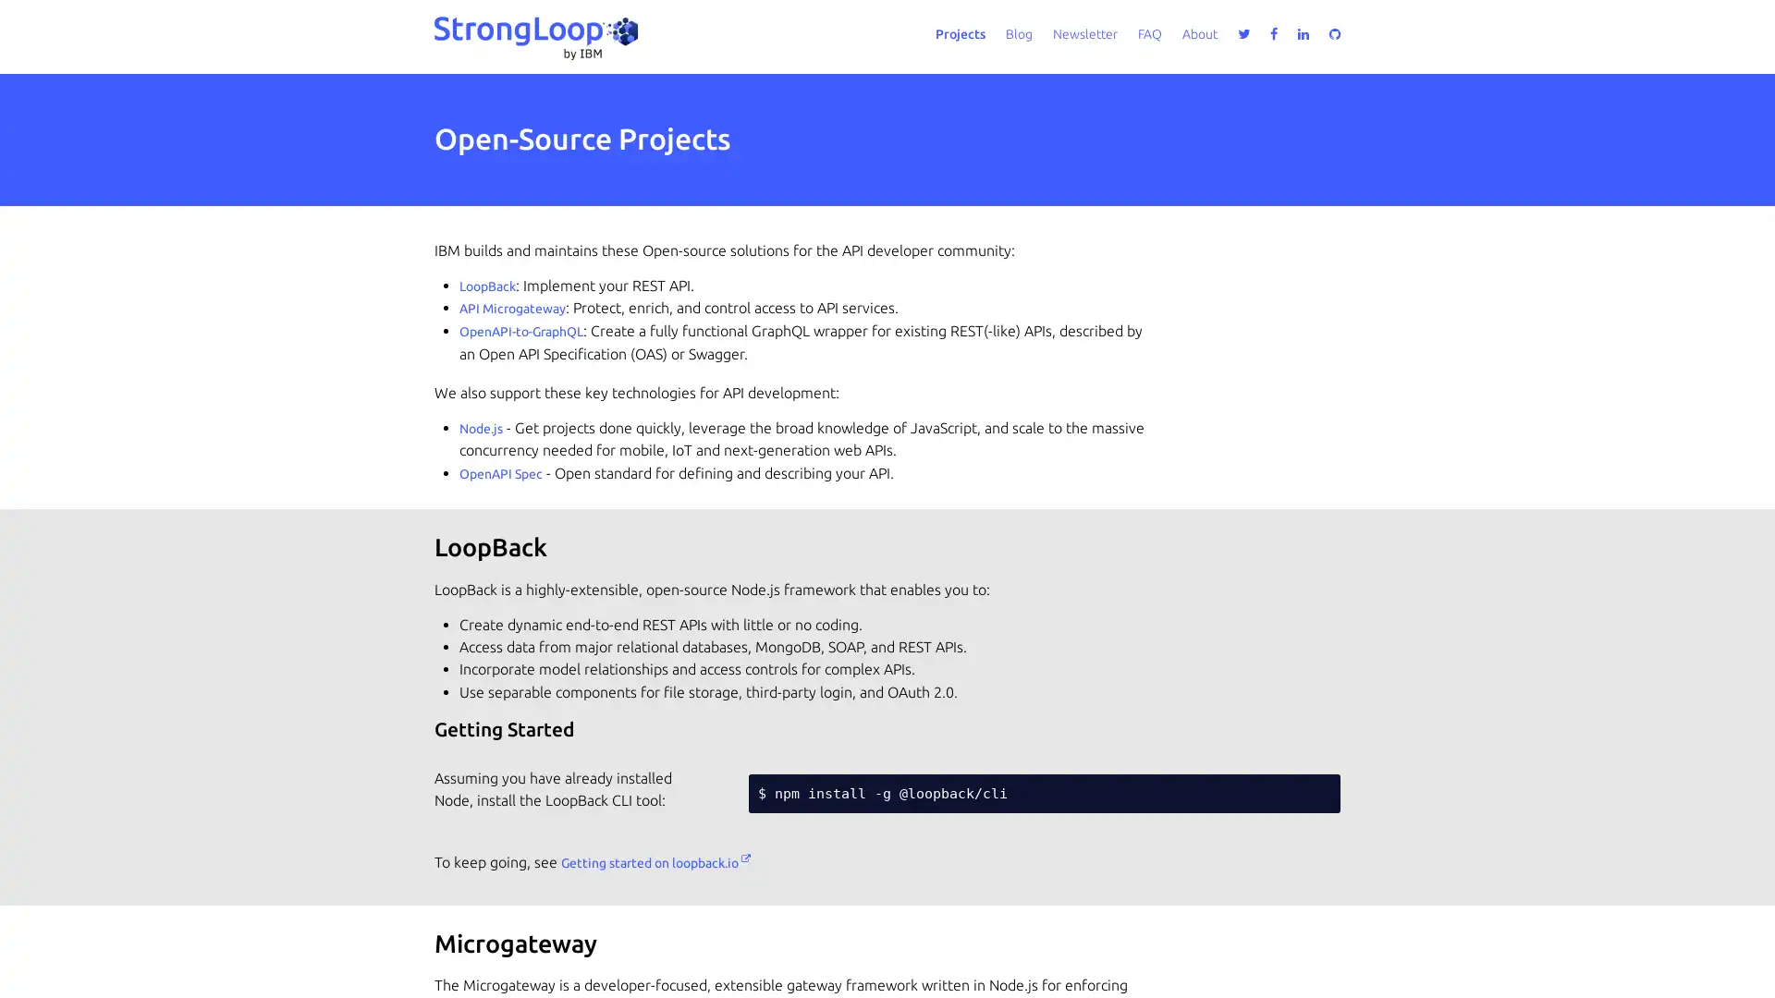 The image size is (1775, 998). What do you see at coordinates (1625, 870) in the screenshot?
I see `Accept all` at bounding box center [1625, 870].